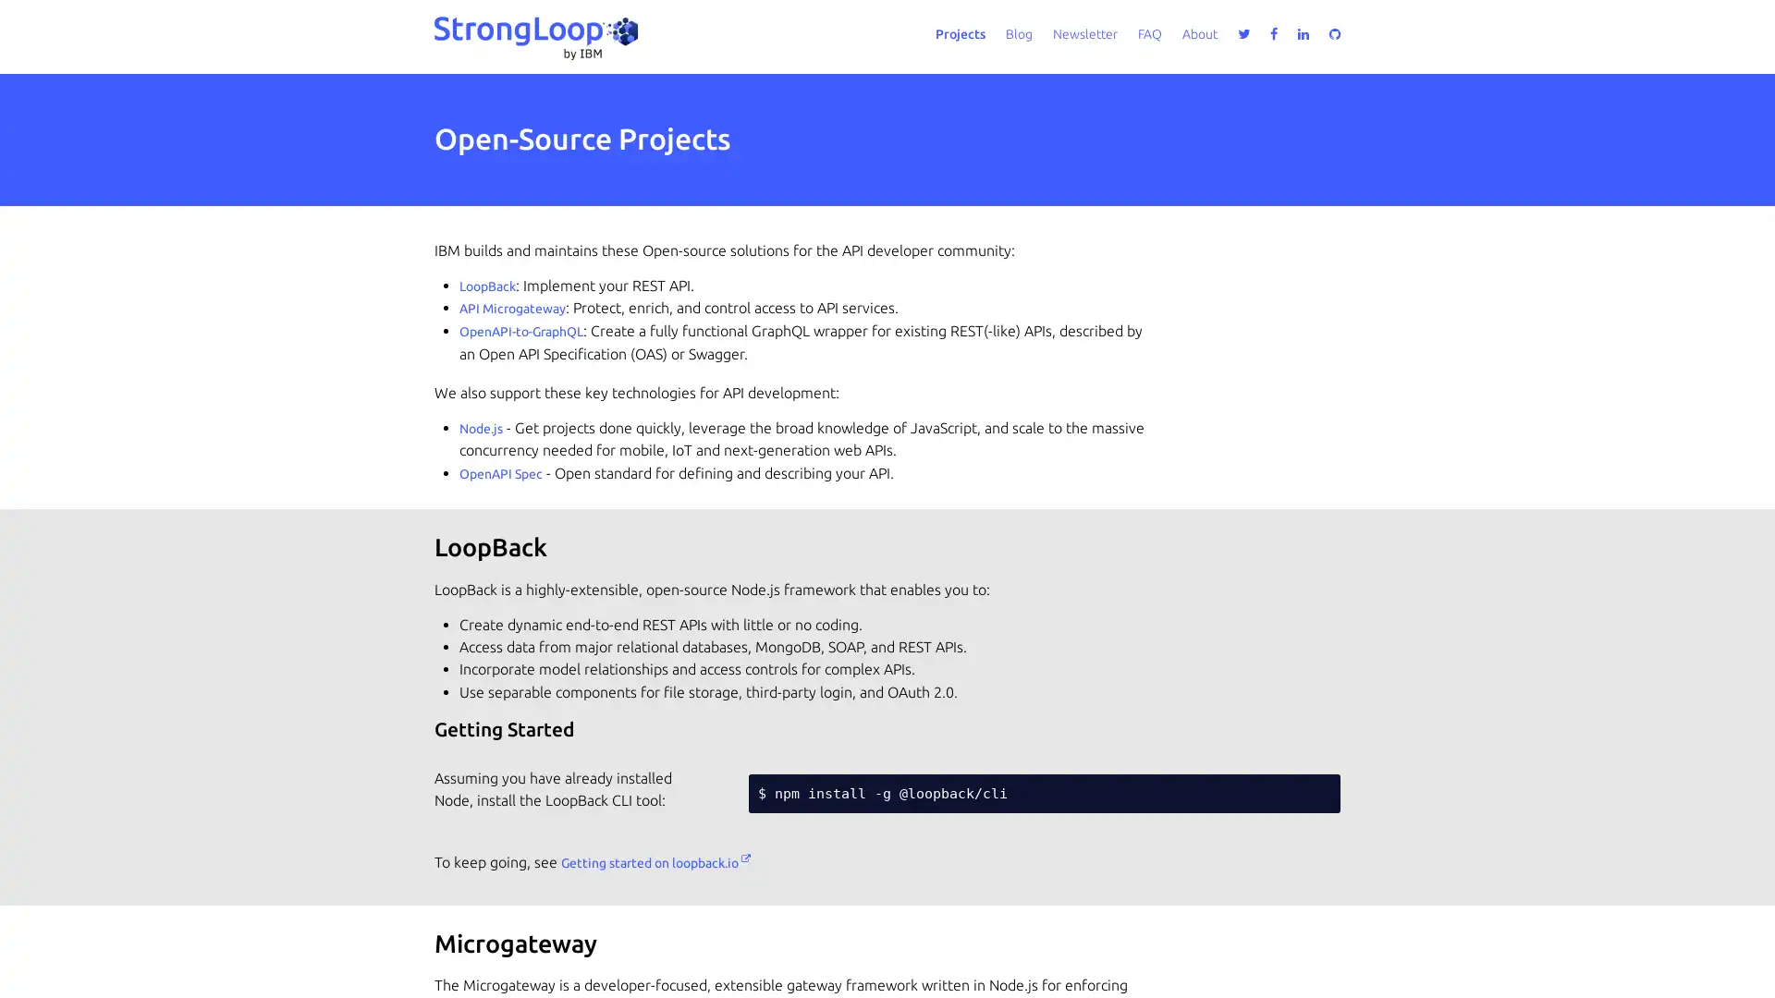 The image size is (1775, 998). What do you see at coordinates (1625, 870) in the screenshot?
I see `Accept all` at bounding box center [1625, 870].